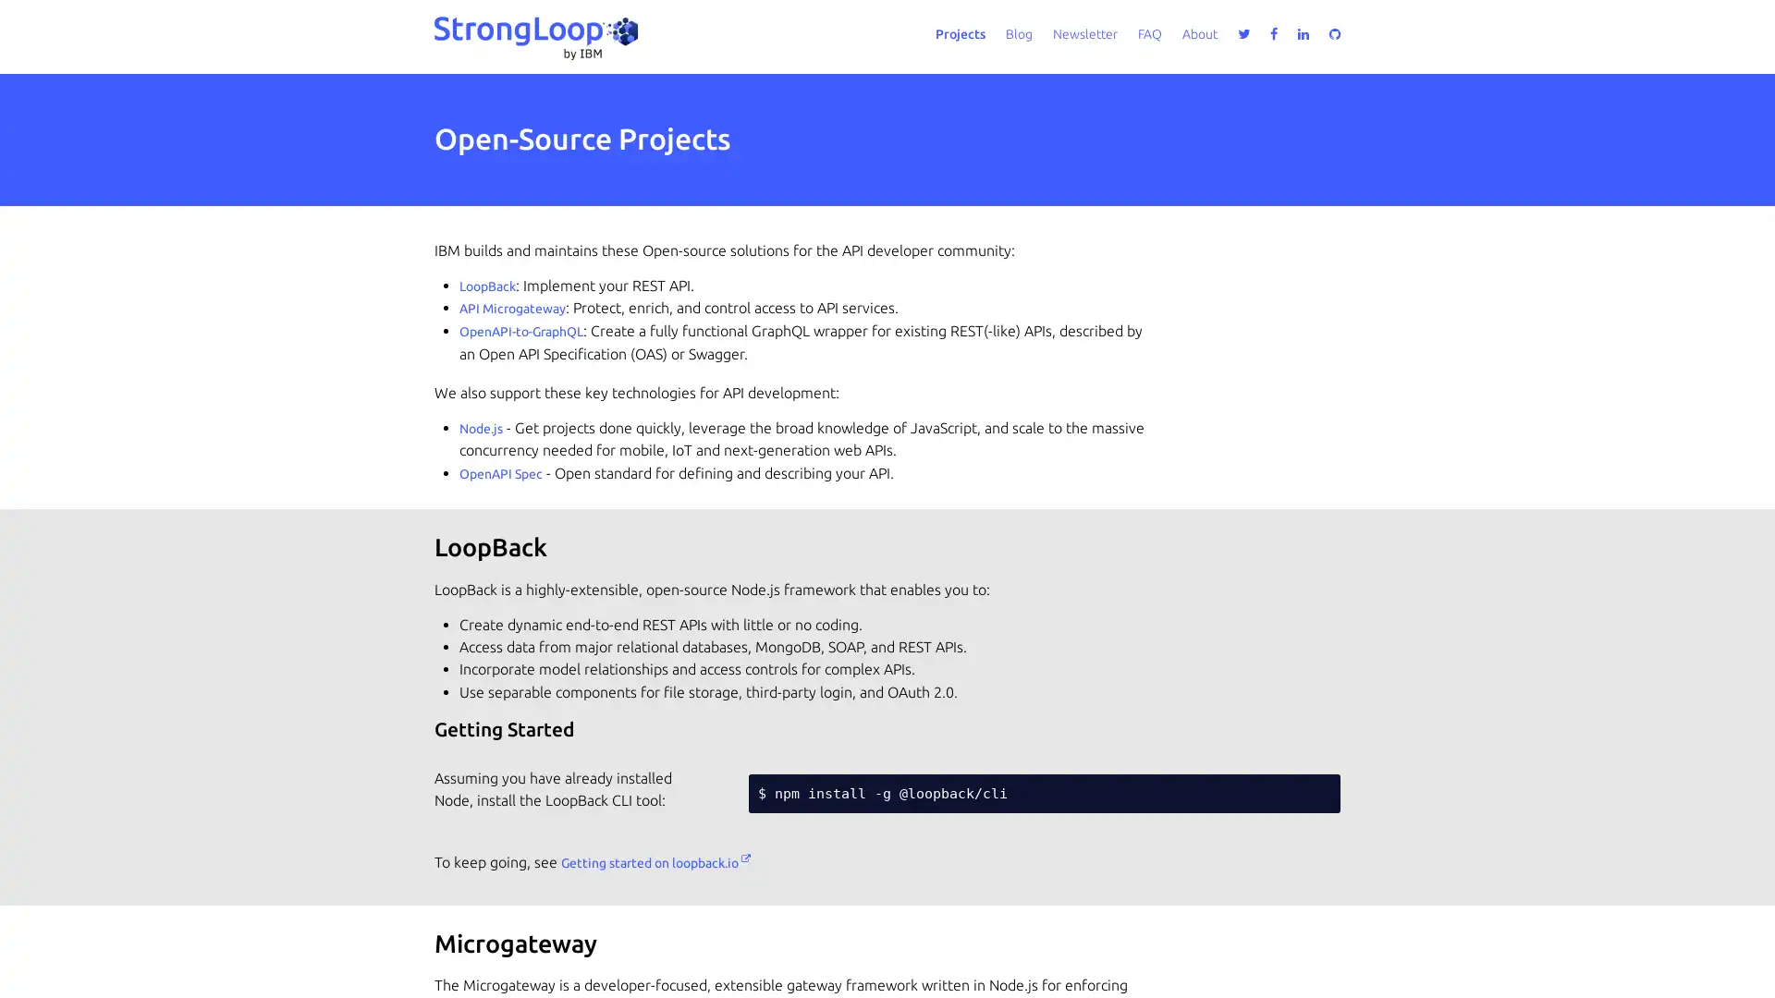 The image size is (1775, 998). What do you see at coordinates (1625, 870) in the screenshot?
I see `Accept all` at bounding box center [1625, 870].